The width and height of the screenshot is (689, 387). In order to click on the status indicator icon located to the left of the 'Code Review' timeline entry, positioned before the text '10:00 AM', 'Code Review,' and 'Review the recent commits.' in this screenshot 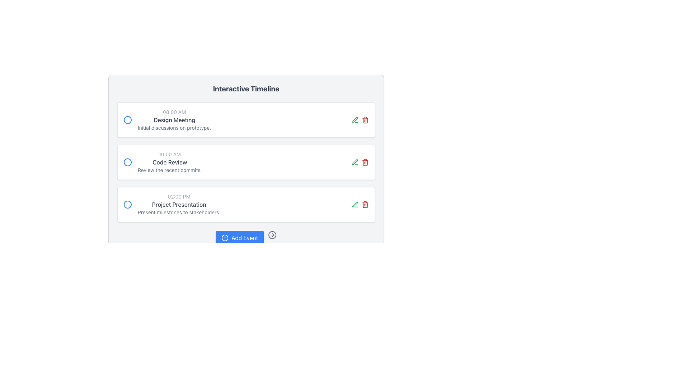, I will do `click(127, 162)`.